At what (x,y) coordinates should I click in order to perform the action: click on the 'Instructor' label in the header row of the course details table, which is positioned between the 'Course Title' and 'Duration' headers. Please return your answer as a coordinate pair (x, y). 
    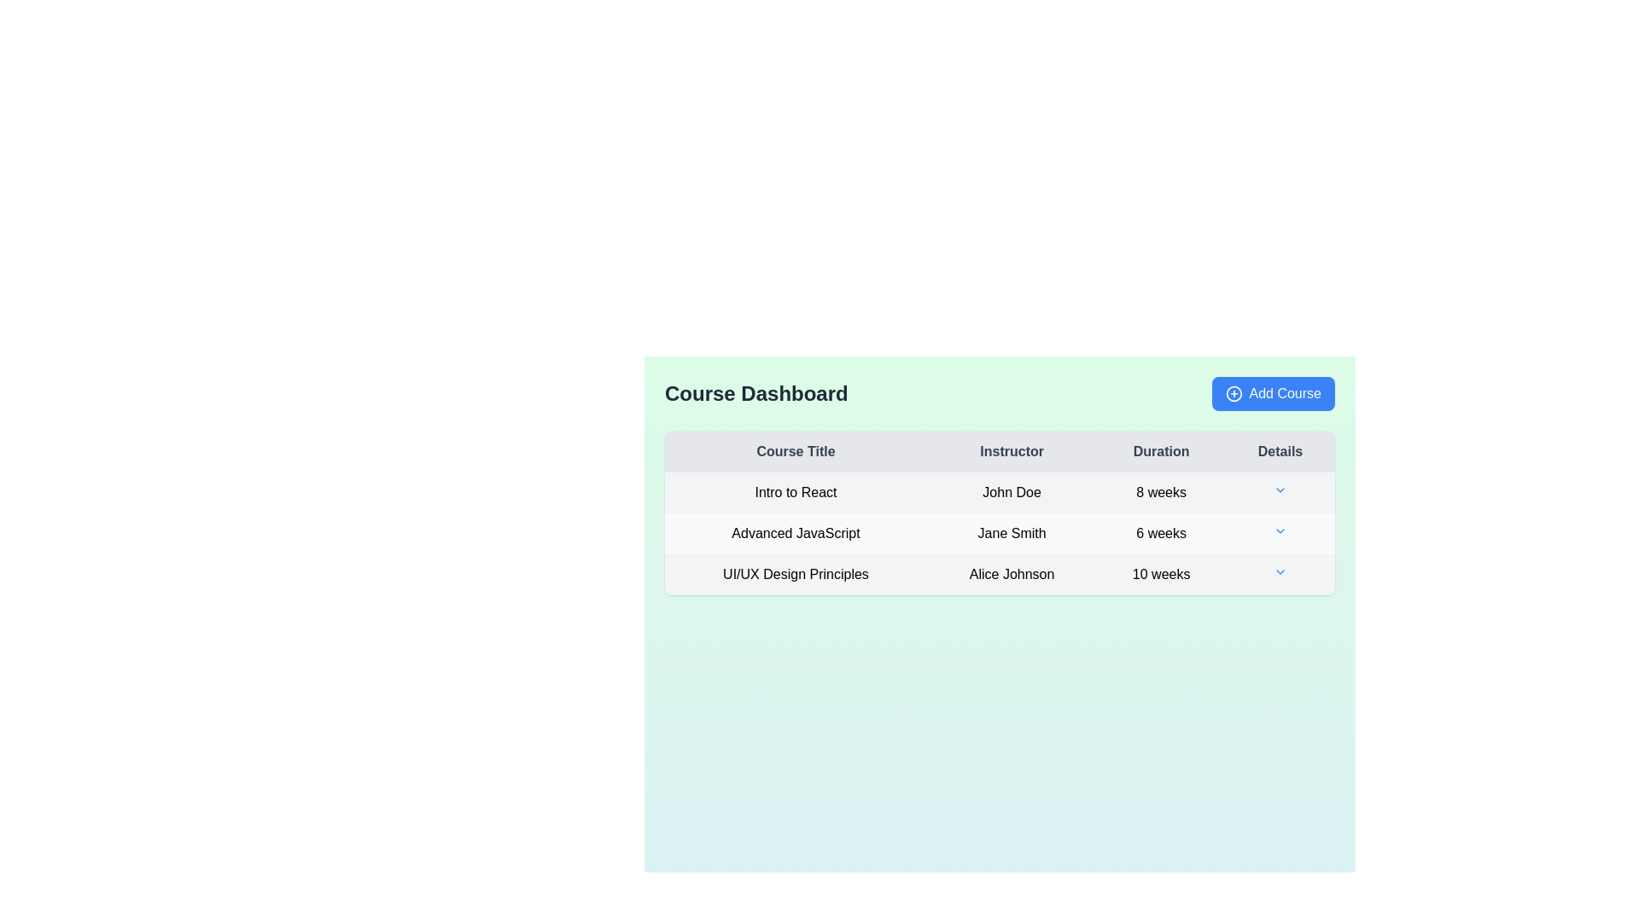
    Looking at the image, I should click on (1012, 450).